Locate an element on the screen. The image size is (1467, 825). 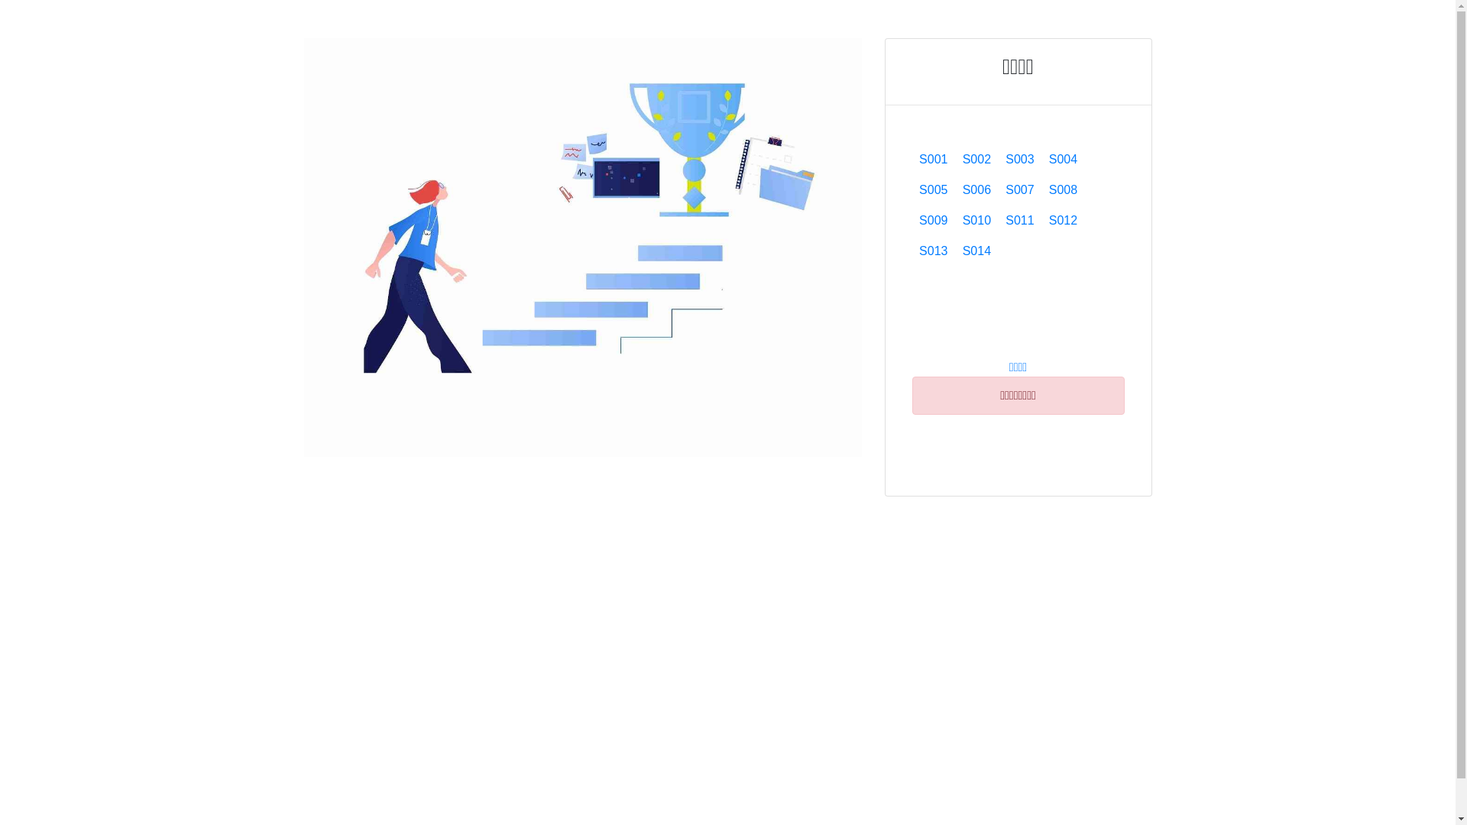
'S014' is located at coordinates (954, 250).